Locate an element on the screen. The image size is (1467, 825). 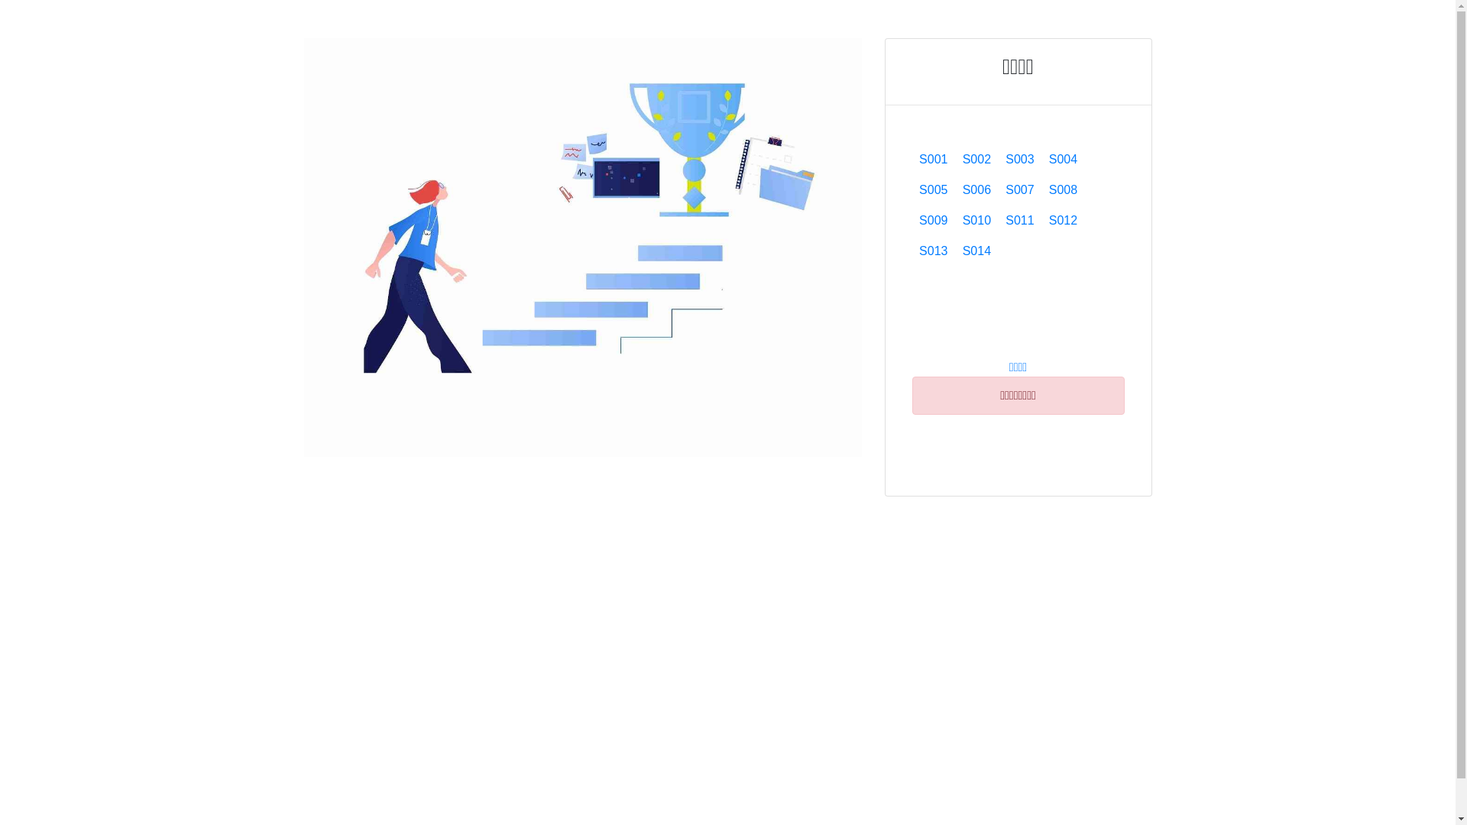
'S014' is located at coordinates (954, 250).